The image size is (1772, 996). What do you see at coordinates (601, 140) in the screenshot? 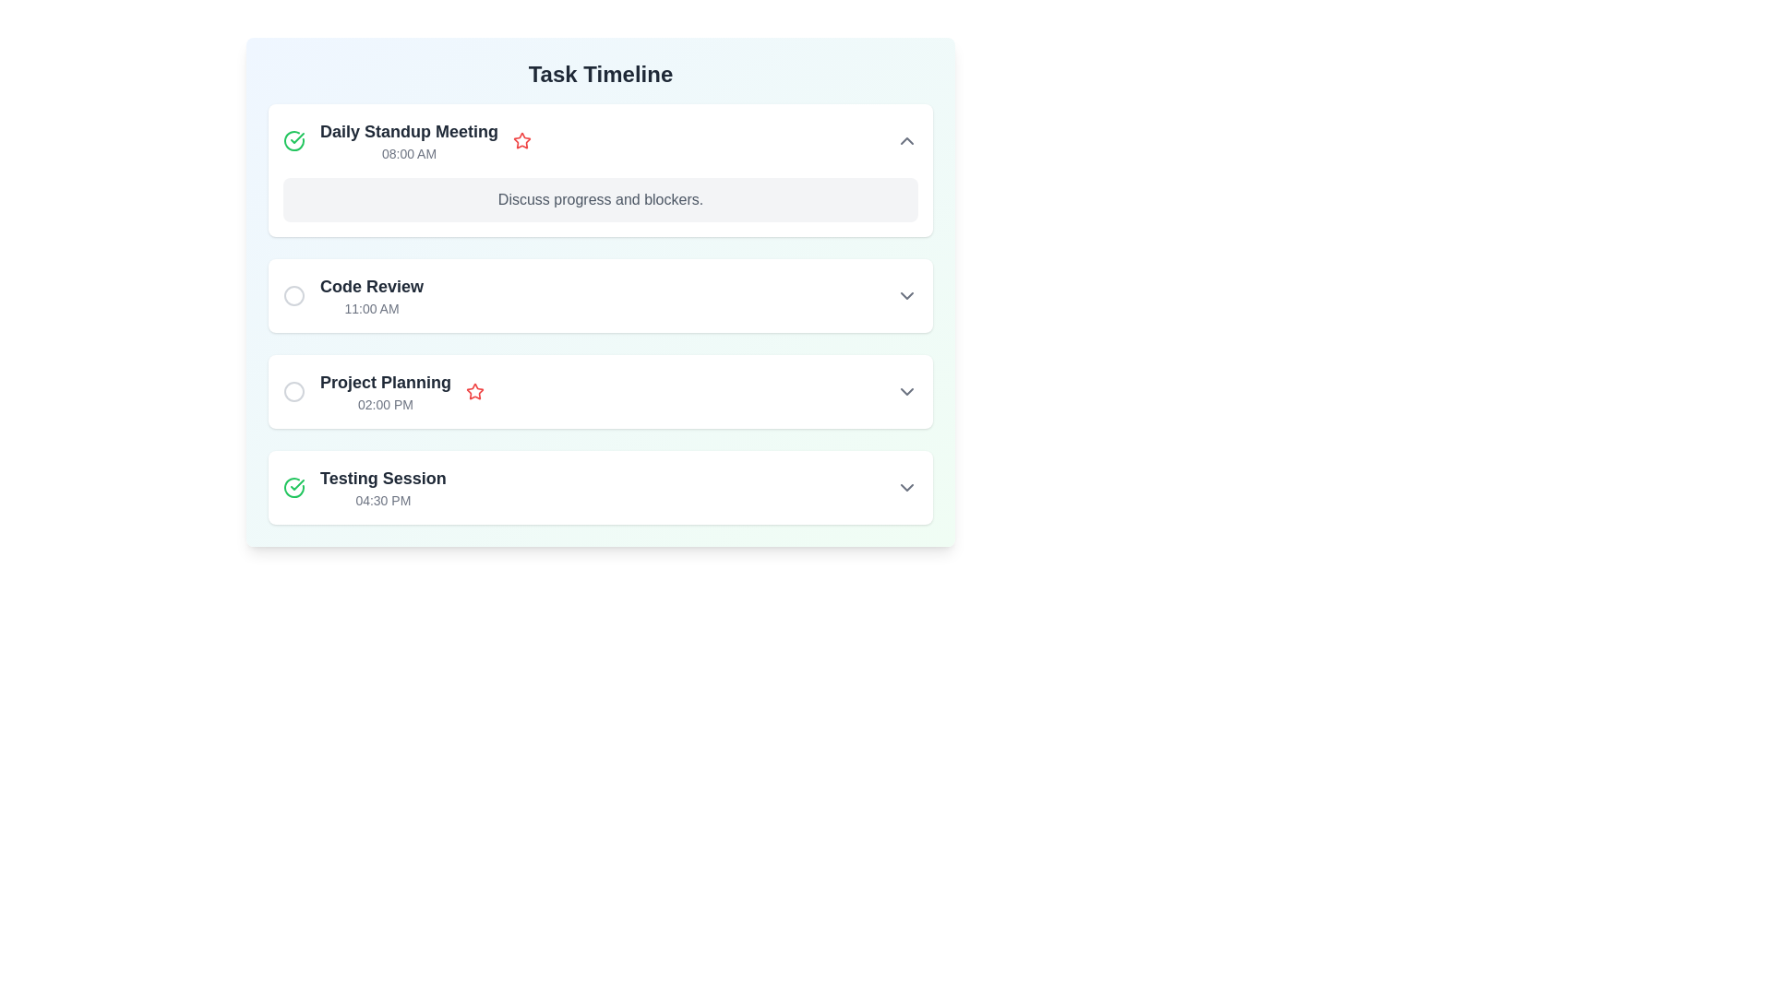
I see `the 'Daily Standup Meeting' card in the timeline view` at bounding box center [601, 140].